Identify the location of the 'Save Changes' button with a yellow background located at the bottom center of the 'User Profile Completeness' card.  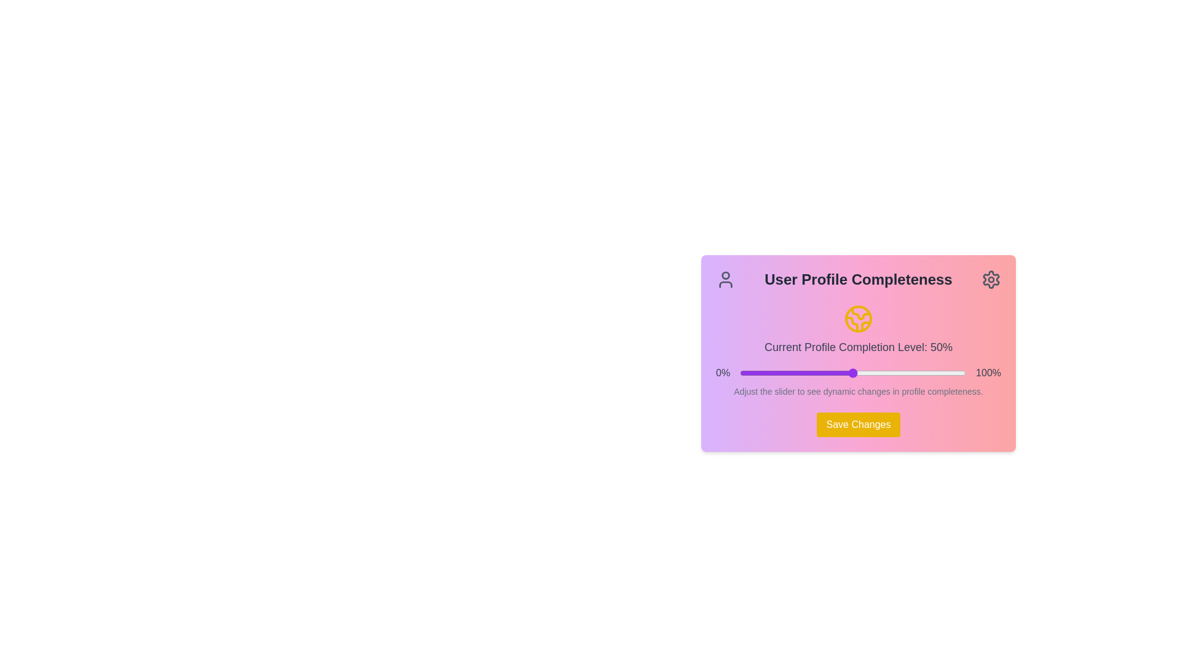
(857, 424).